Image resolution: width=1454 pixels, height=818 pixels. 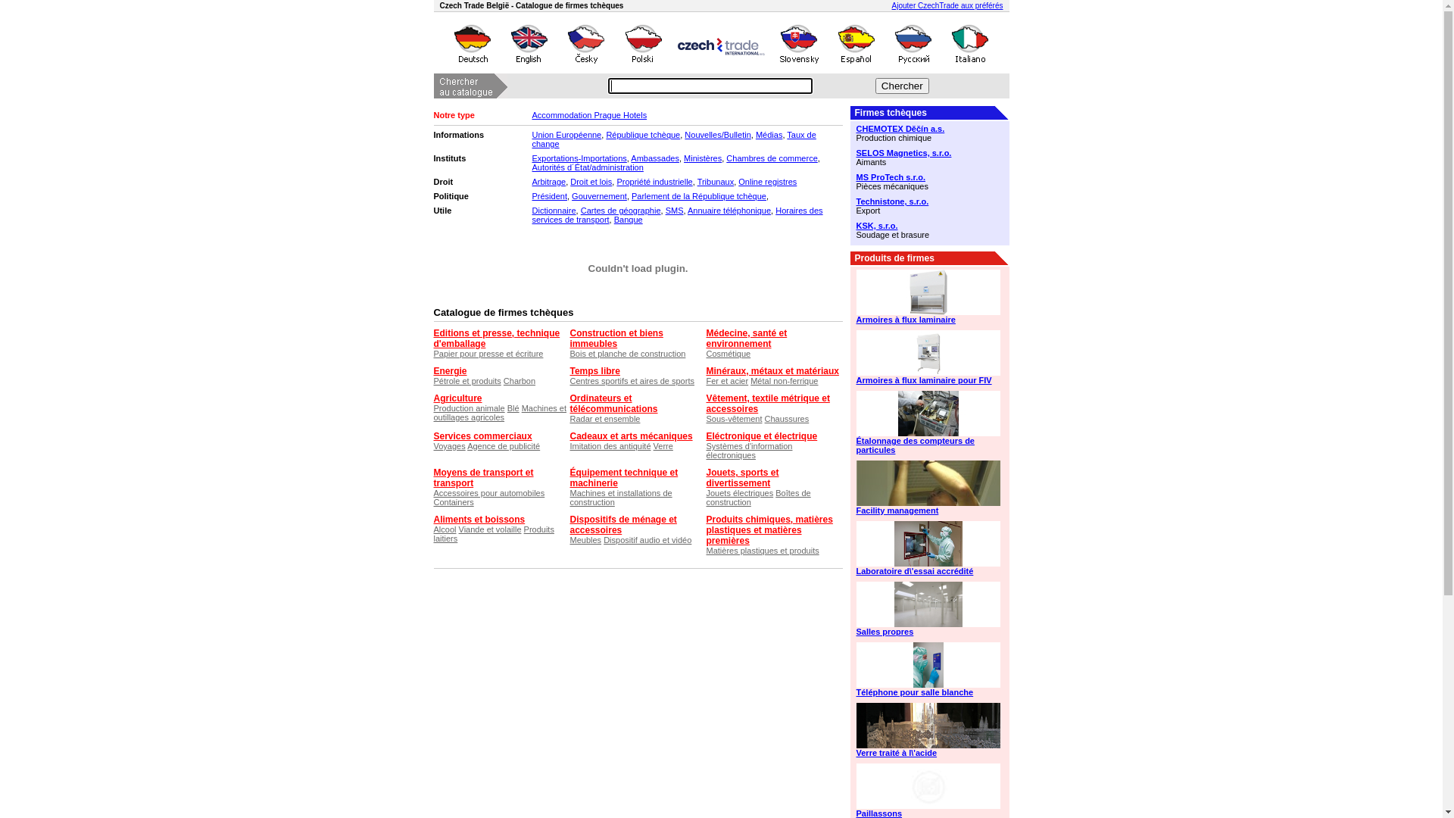 I want to click on 'MS ProTech s.r.o.', so click(x=928, y=176).